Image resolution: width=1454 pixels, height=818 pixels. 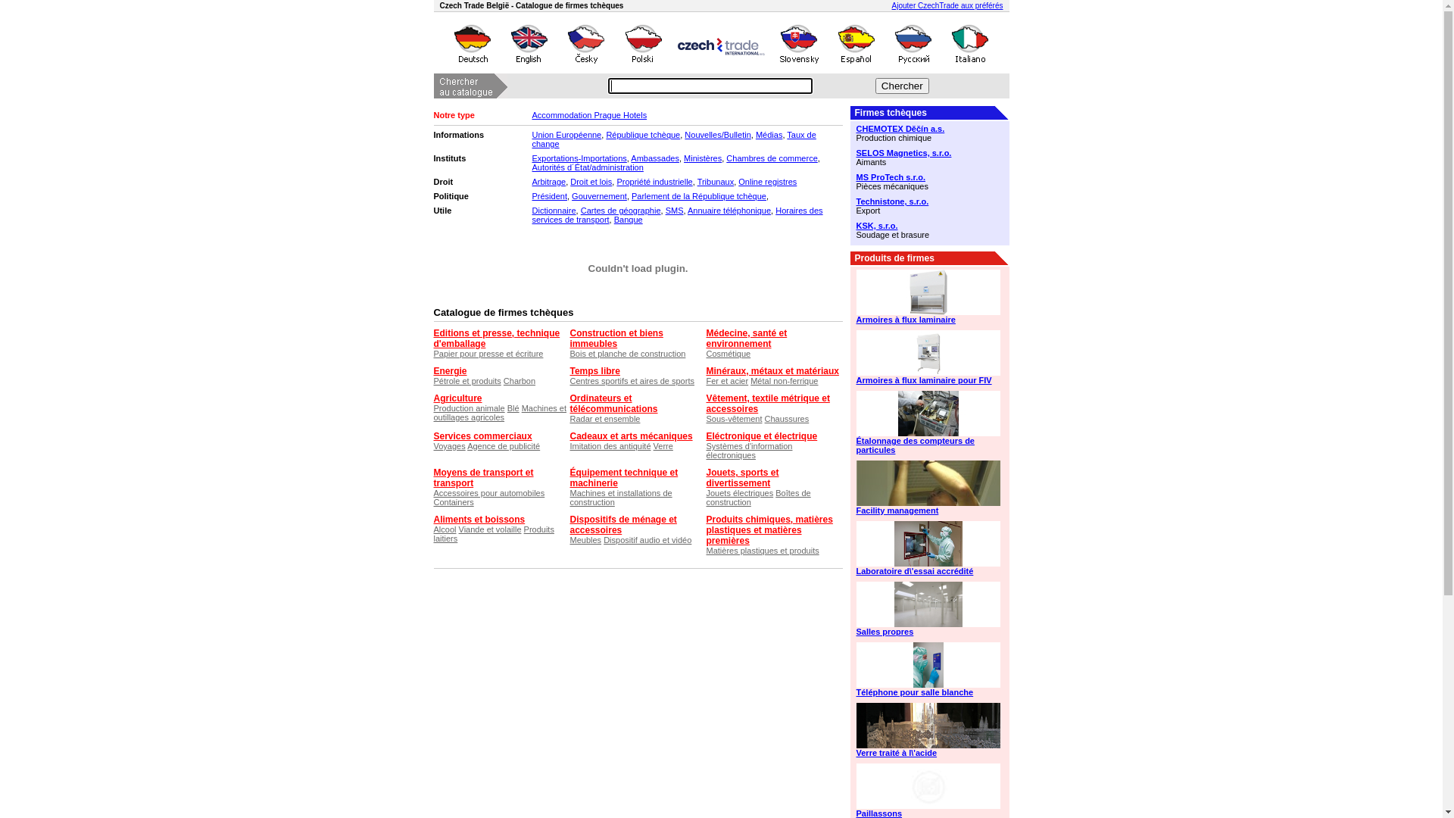 I want to click on 'MS ProTech s.r.o.', so click(x=928, y=176).